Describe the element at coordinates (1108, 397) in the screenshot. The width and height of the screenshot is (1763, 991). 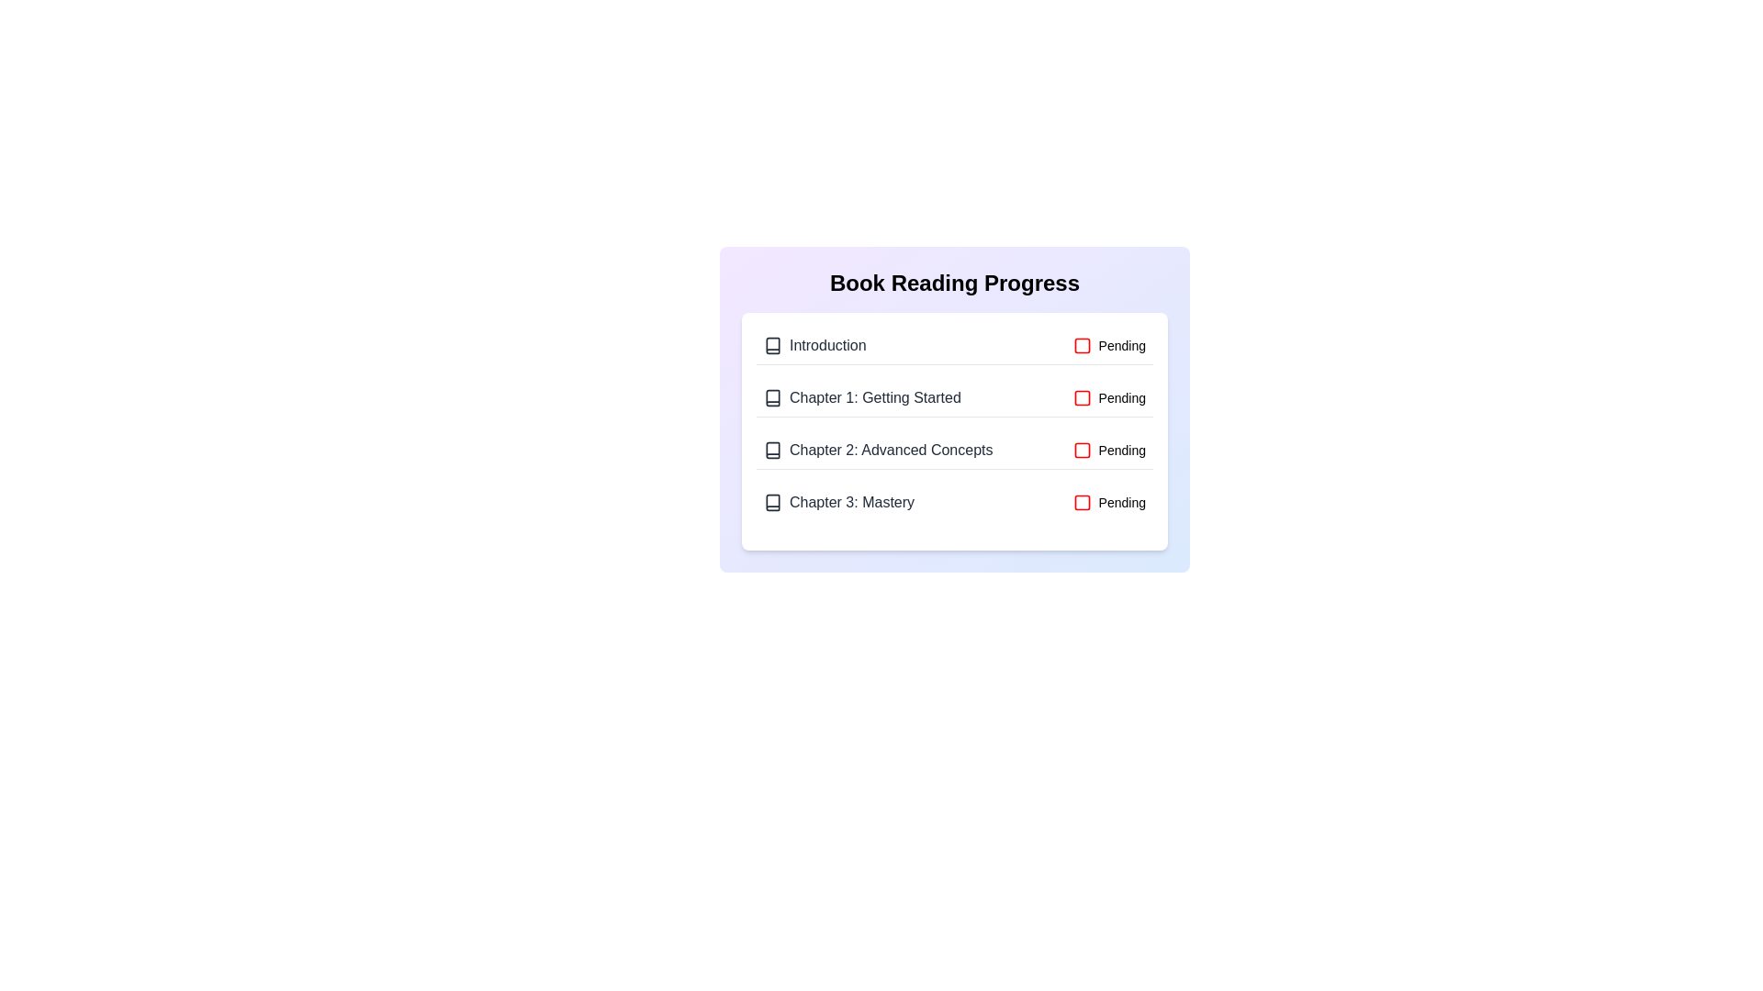
I see `the toggle button for chapter 2 to change its completion status` at that location.